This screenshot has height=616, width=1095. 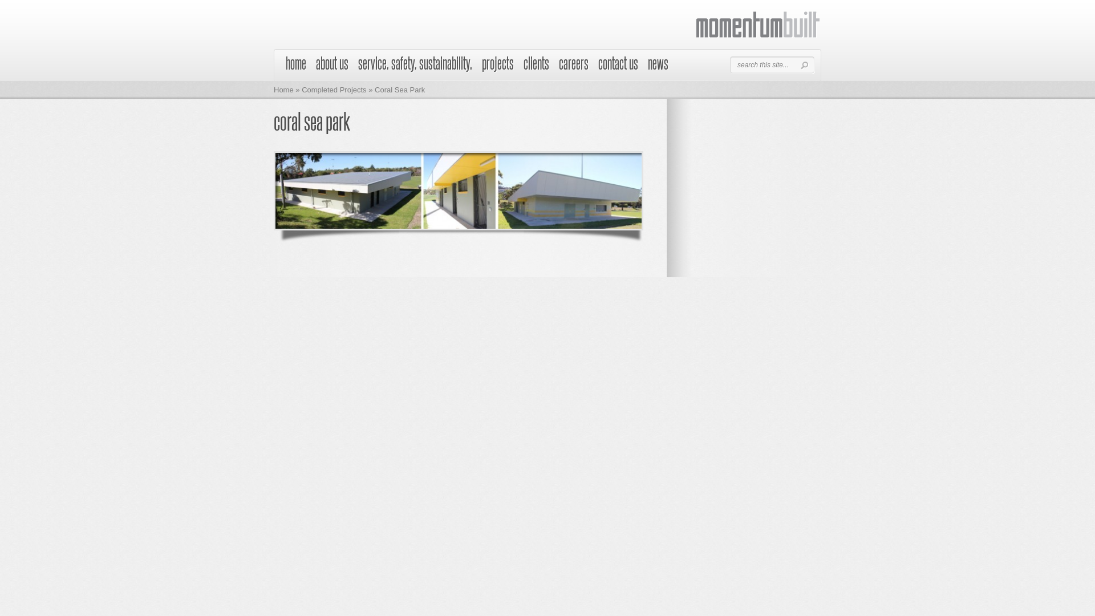 I want to click on 'careers', so click(x=558, y=67).